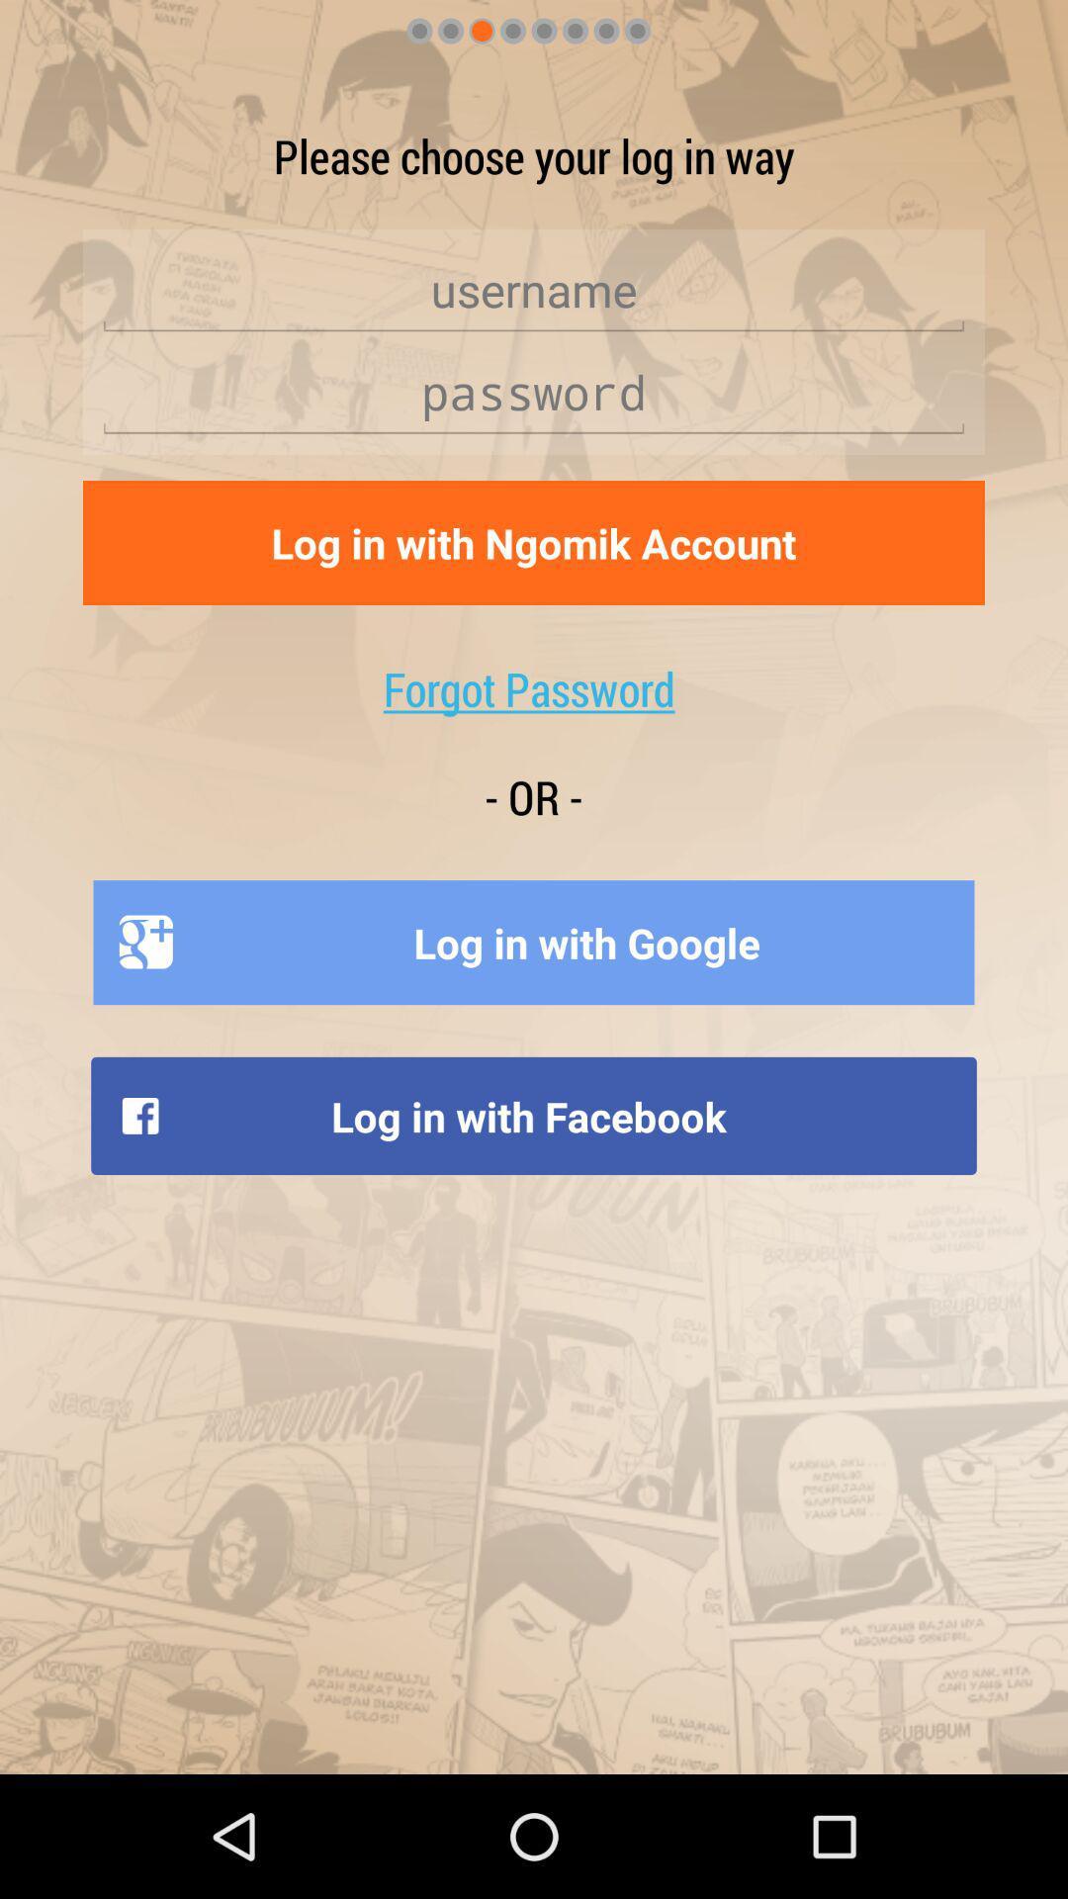 Image resolution: width=1068 pixels, height=1899 pixels. I want to click on username text box, so click(534, 289).